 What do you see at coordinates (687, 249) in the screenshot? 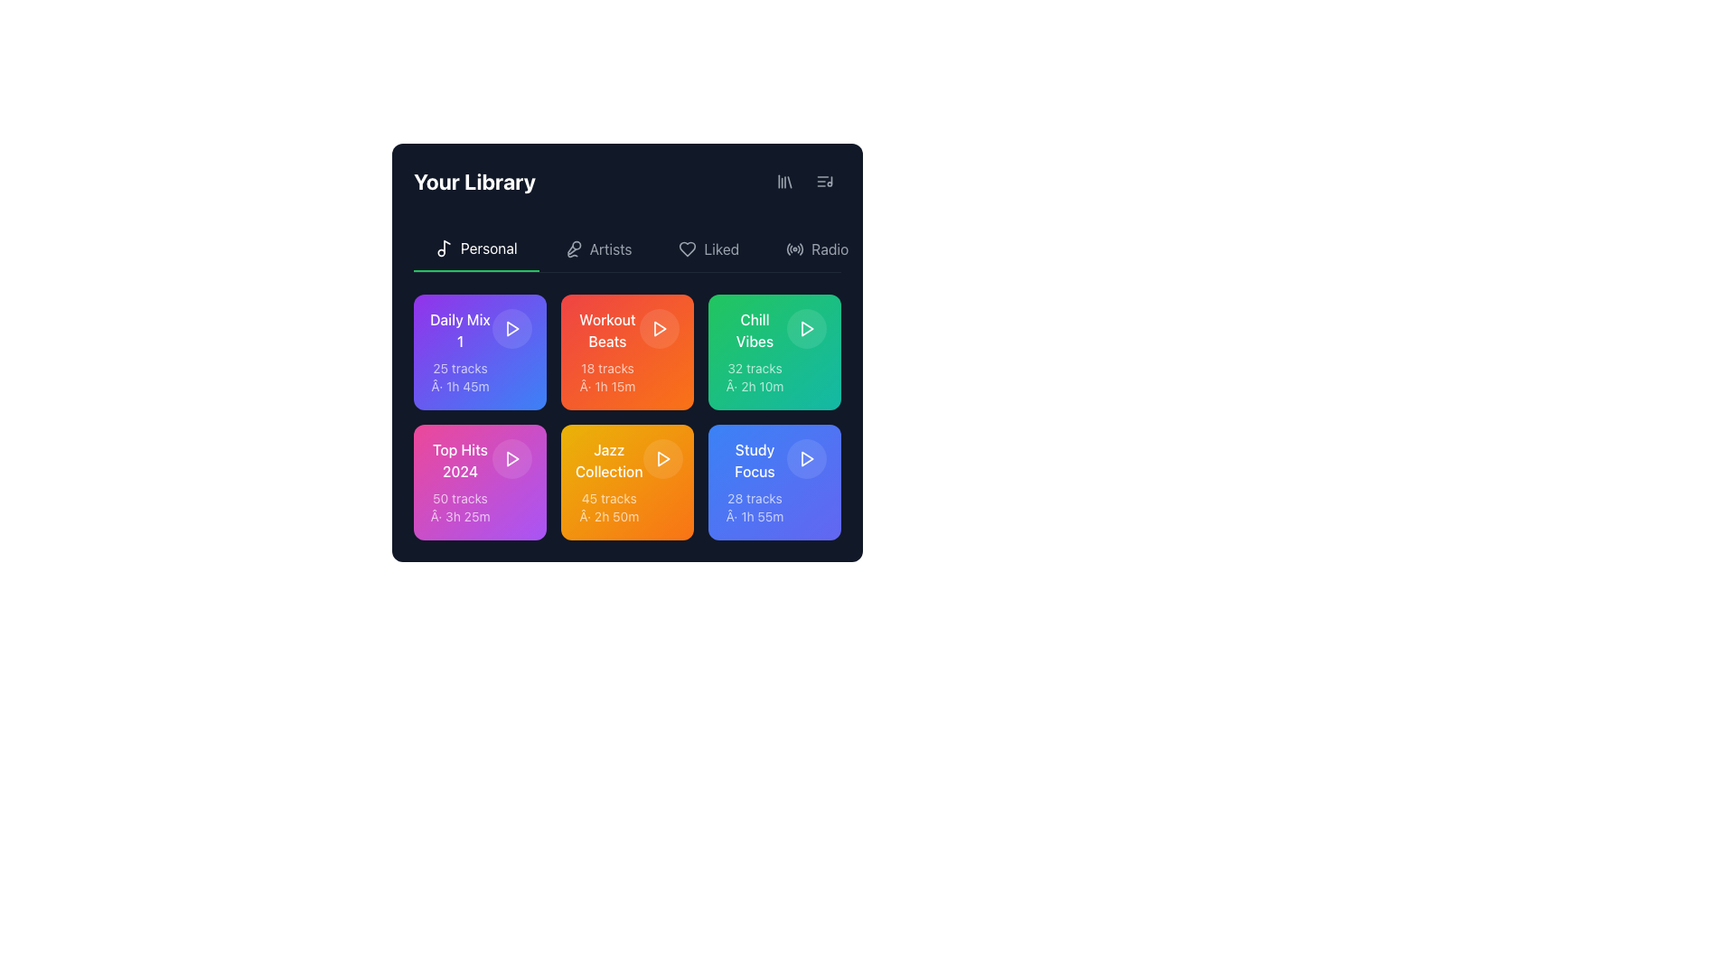
I see `the heart-shaped outline icon that represents the 'Liked' section, located between the 'Artists' and 'Radio' icons under the 'Your Library' header` at bounding box center [687, 249].